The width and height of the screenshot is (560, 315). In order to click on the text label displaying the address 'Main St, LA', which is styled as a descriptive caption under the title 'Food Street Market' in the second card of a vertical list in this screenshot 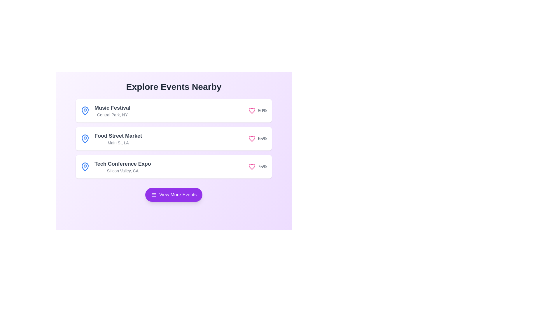, I will do `click(118, 143)`.